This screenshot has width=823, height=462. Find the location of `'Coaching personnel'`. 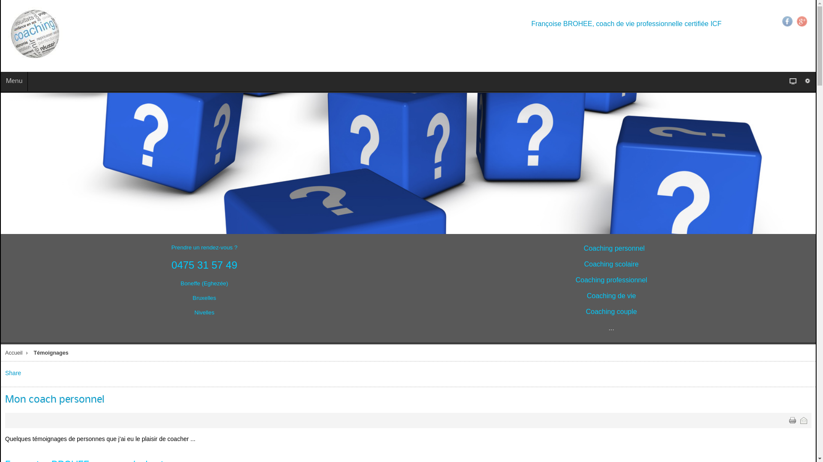

'Coaching personnel' is located at coordinates (614, 249).